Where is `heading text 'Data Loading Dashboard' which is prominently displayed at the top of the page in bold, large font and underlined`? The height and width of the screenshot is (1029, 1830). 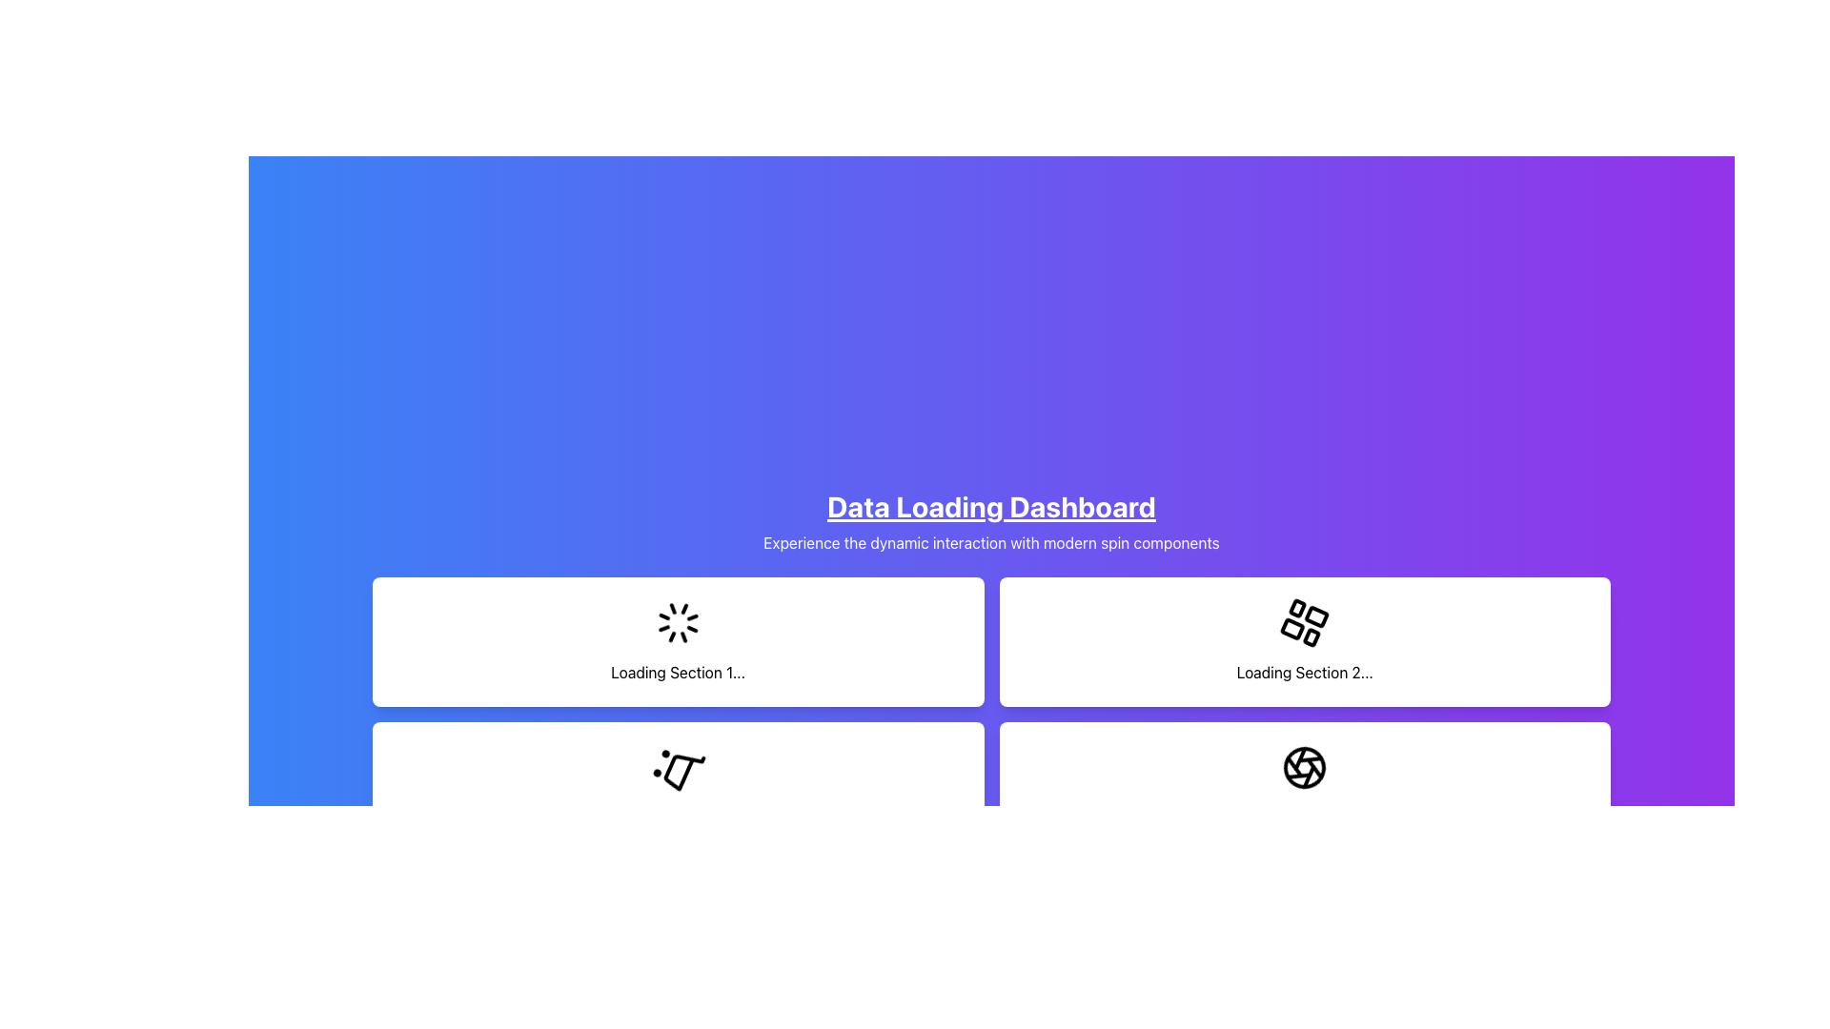 heading text 'Data Loading Dashboard' which is prominently displayed at the top of the page in bold, large font and underlined is located at coordinates (991, 506).